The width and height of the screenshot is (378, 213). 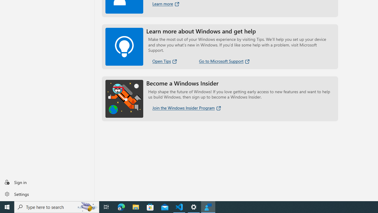 I want to click on 'Type here to search', so click(x=57, y=206).